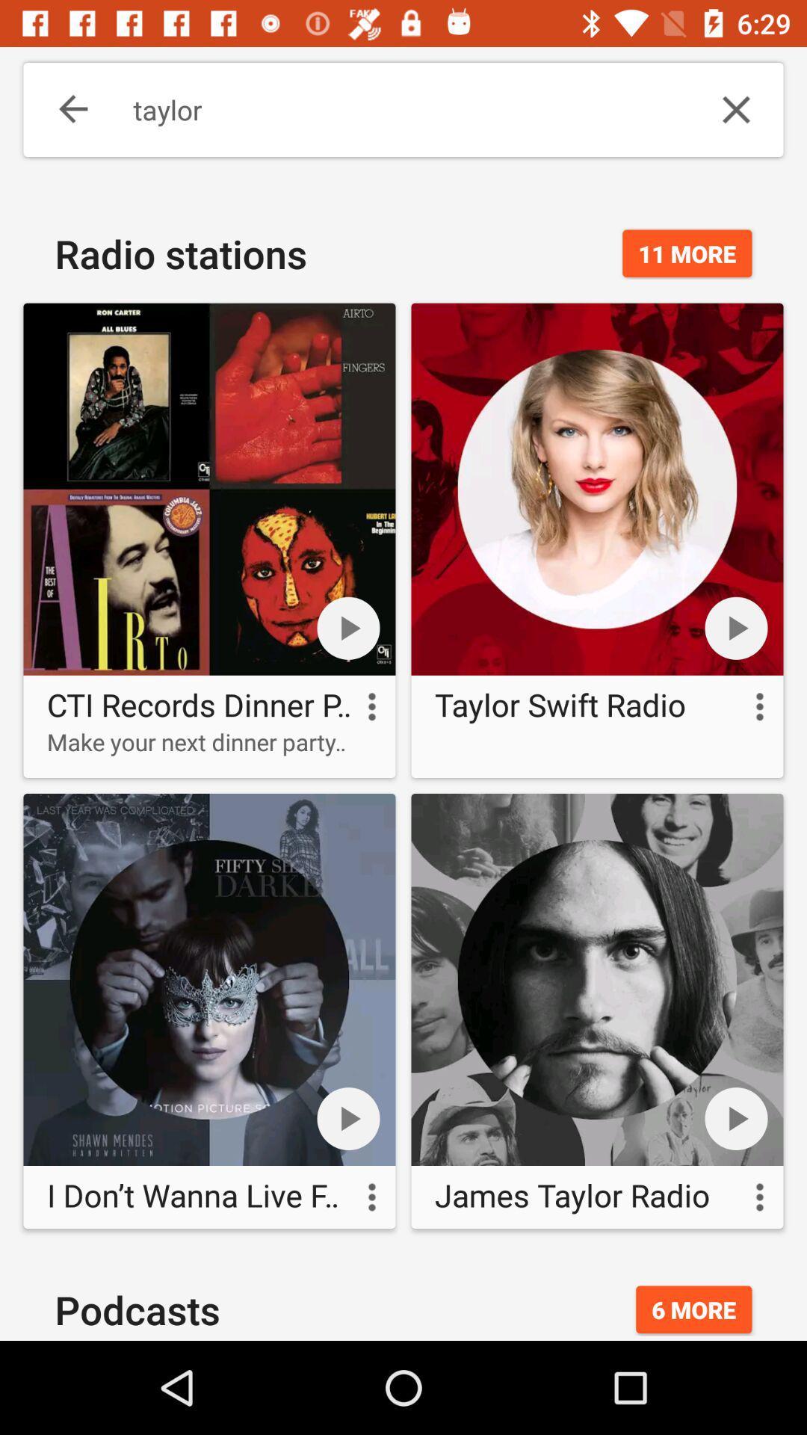 The height and width of the screenshot is (1435, 807). I want to click on 11 more icon, so click(687, 253).